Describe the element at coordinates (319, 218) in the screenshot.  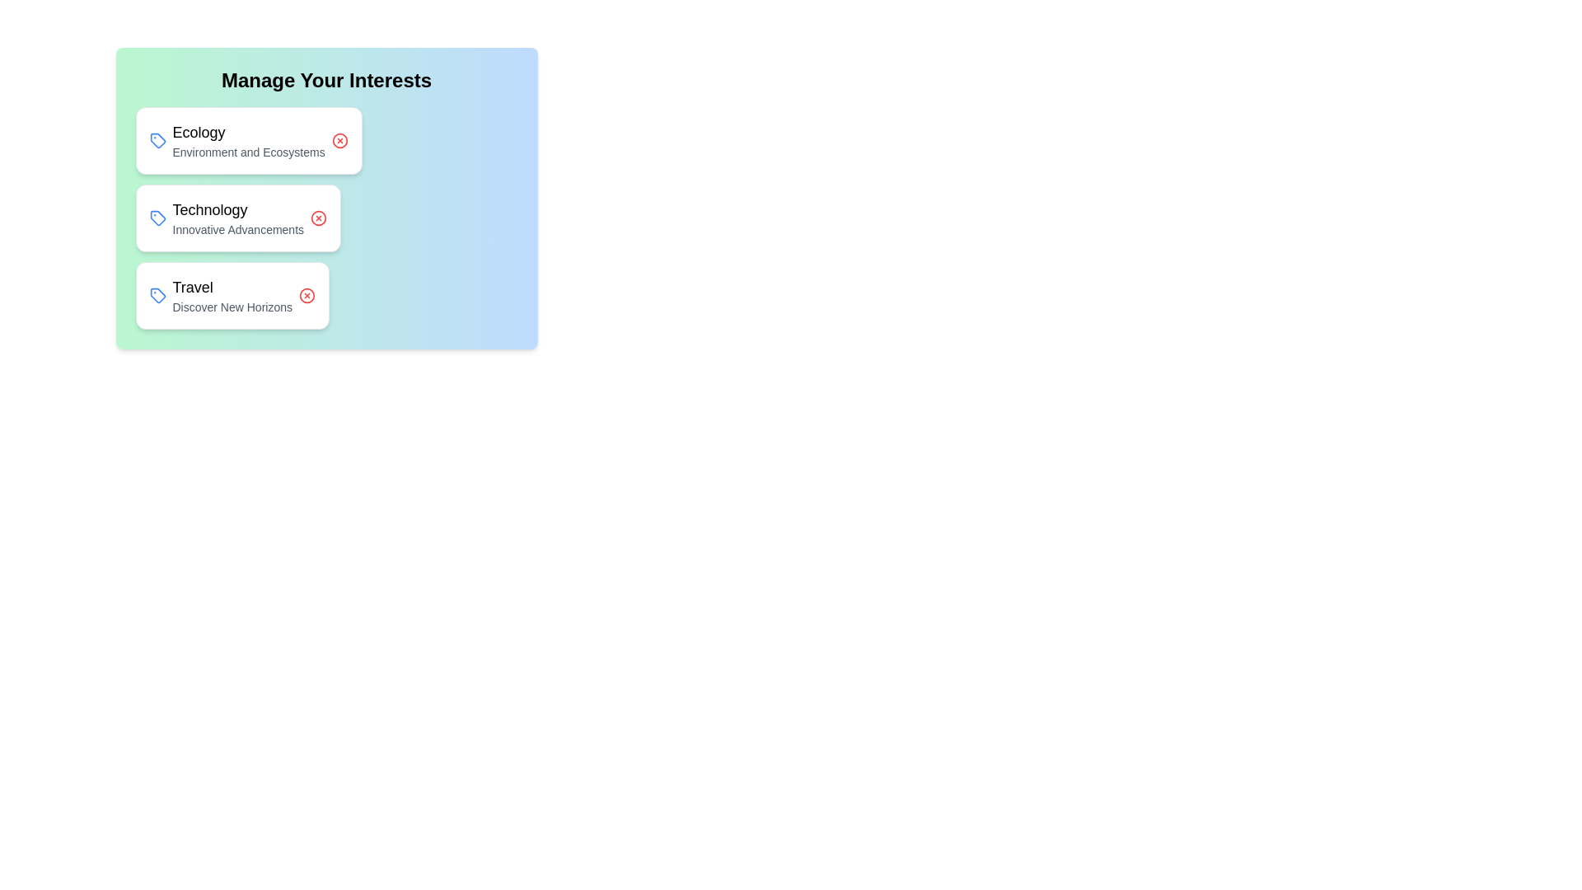
I see `the delete button of the chip labeled Technology` at that location.